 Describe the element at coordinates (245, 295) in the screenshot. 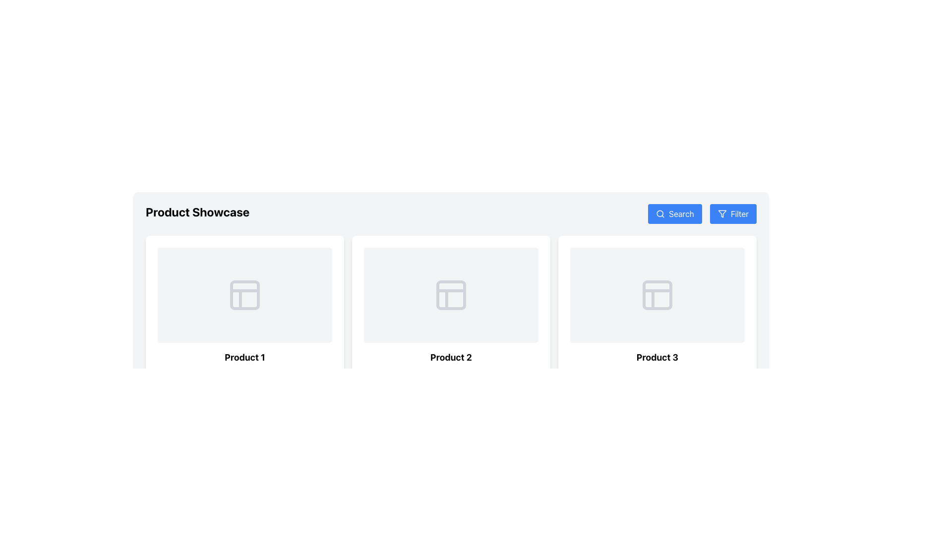

I see `the gray icon depicting a window layout associated with the 'Product 1' card in the 'Product Showcase' section` at that location.